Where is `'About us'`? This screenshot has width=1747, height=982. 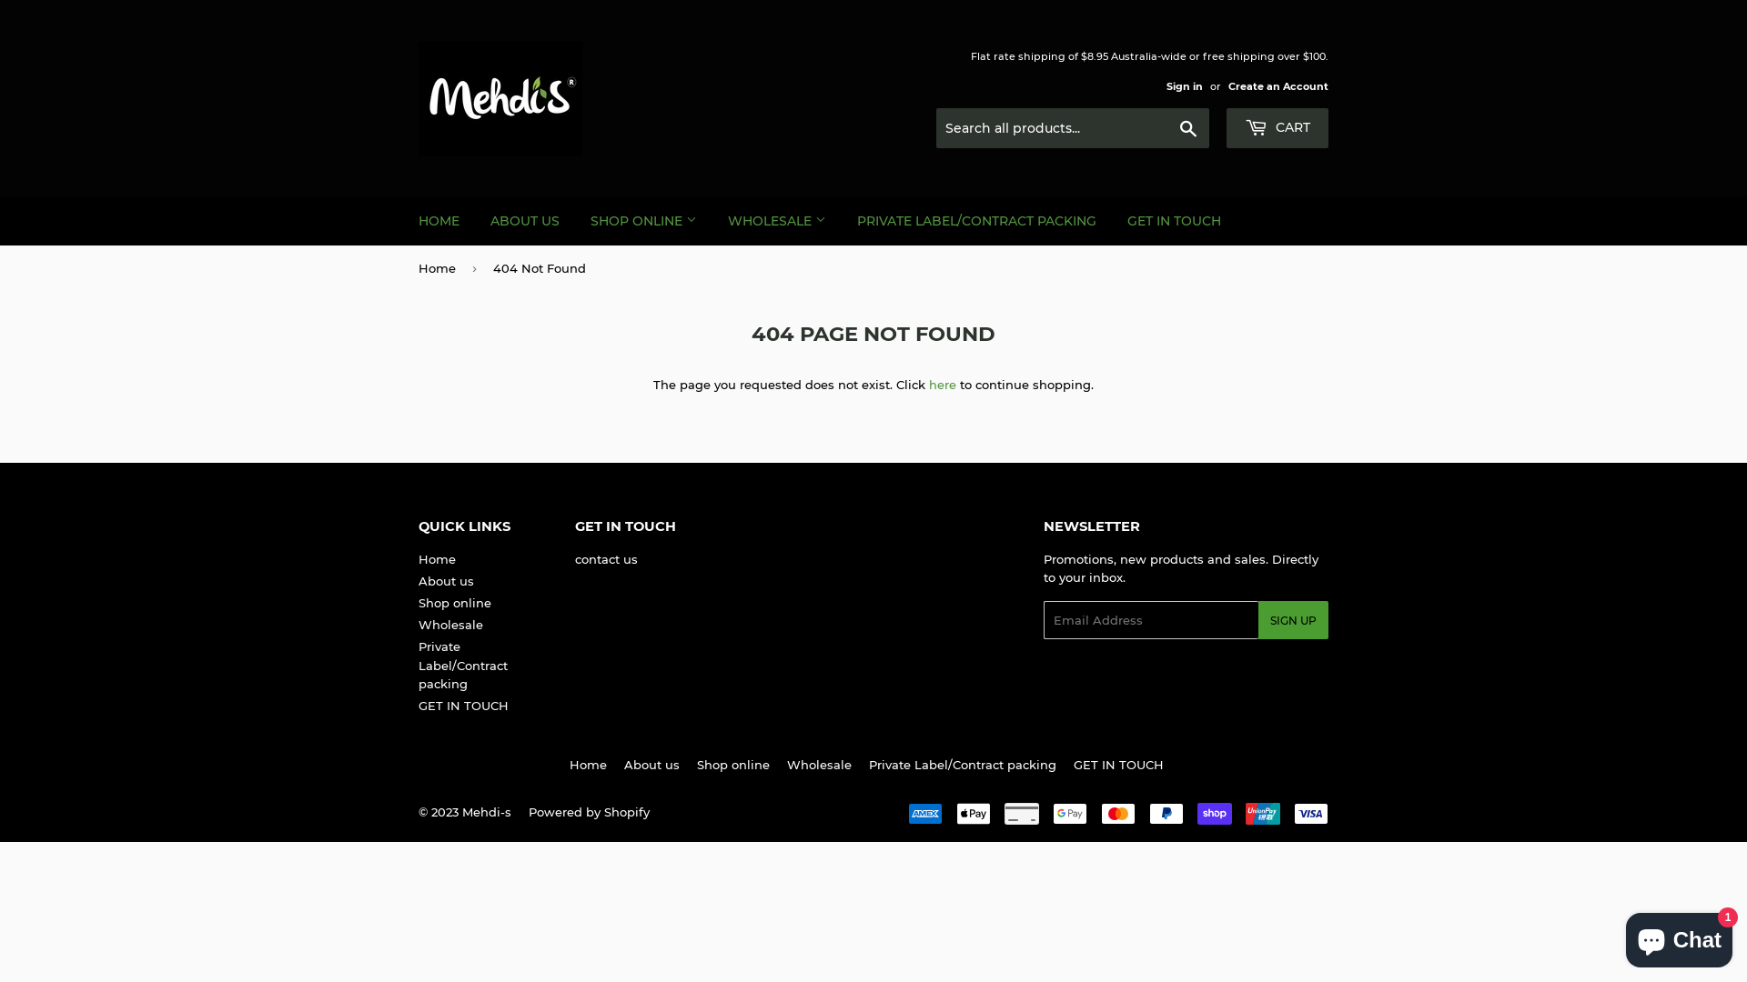
'About us' is located at coordinates (651, 764).